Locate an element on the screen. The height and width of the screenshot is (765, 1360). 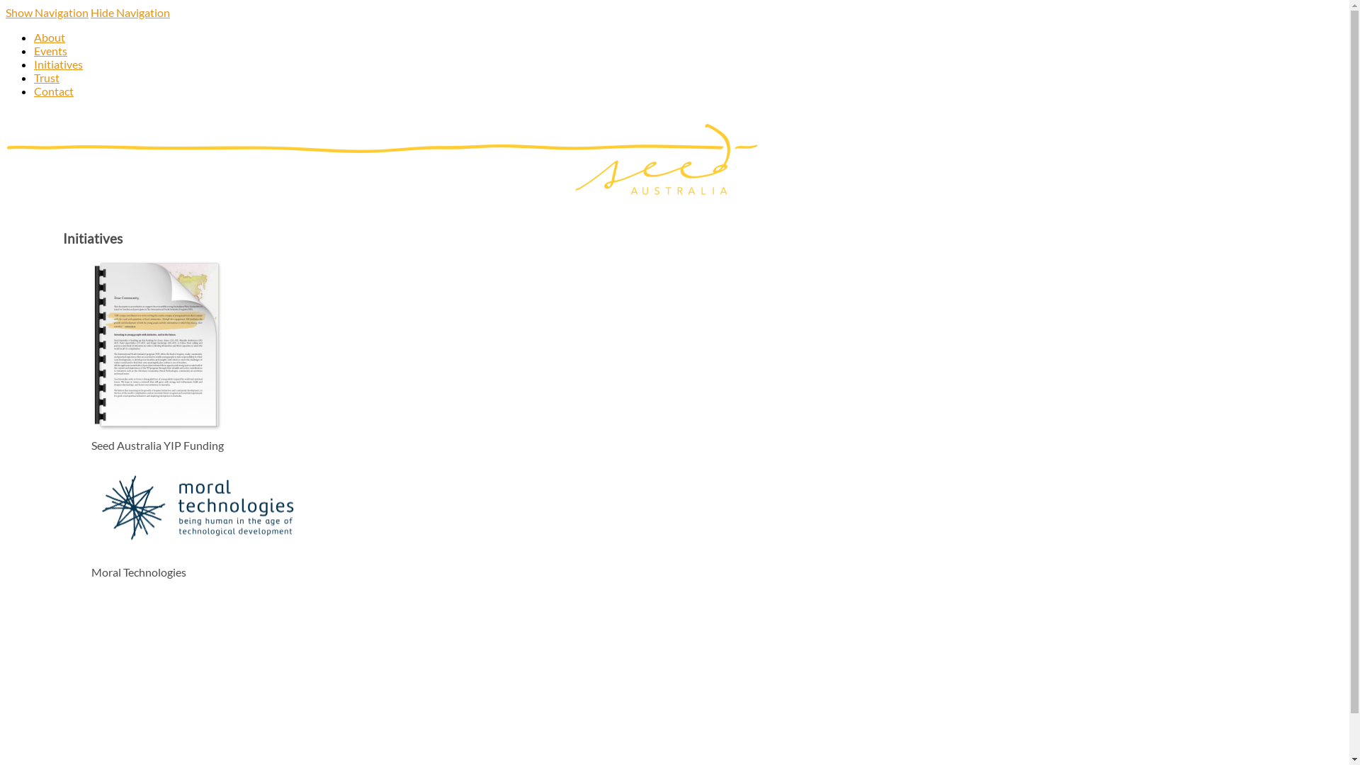
'Trust' is located at coordinates (47, 77).